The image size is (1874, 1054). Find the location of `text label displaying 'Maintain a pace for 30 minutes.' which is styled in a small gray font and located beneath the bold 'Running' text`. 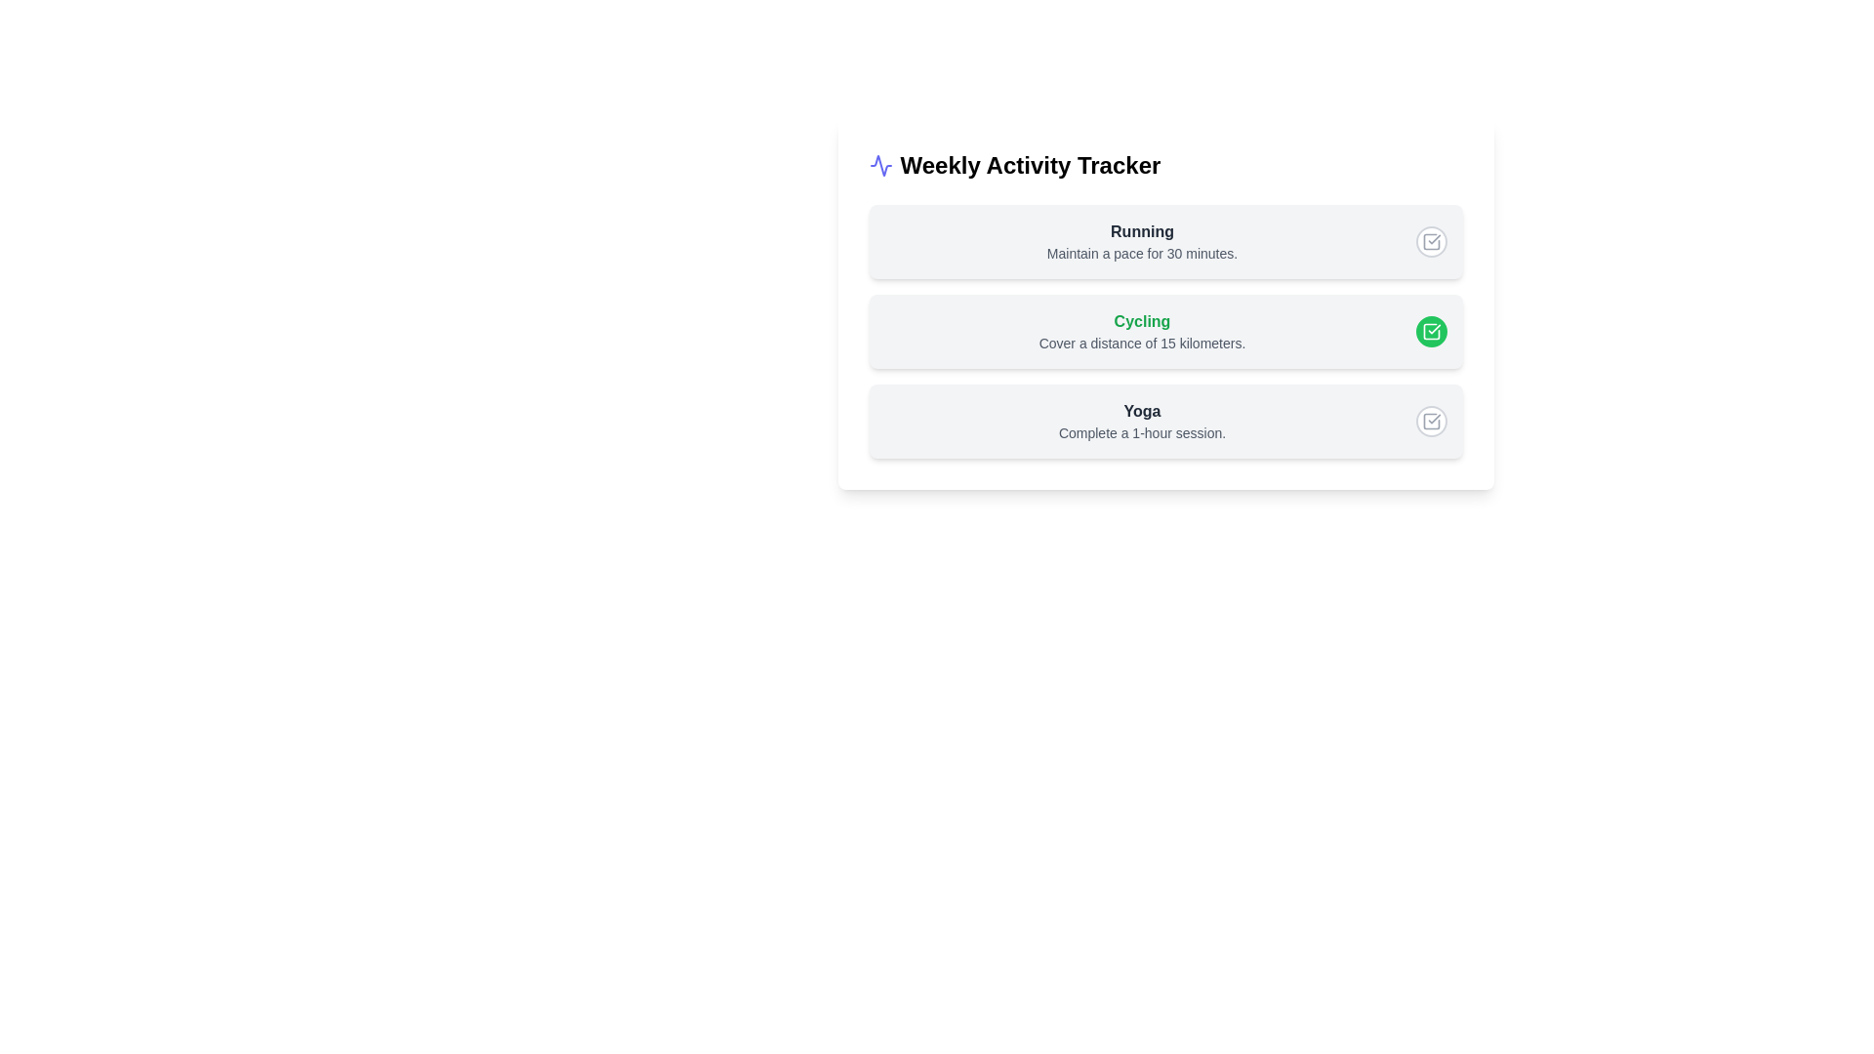

text label displaying 'Maintain a pace for 30 minutes.' which is styled in a small gray font and located beneath the bold 'Running' text is located at coordinates (1142, 252).